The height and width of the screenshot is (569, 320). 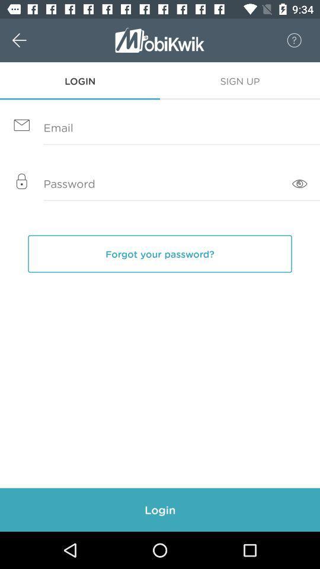 I want to click on the icon above the sign up icon, so click(x=287, y=40).